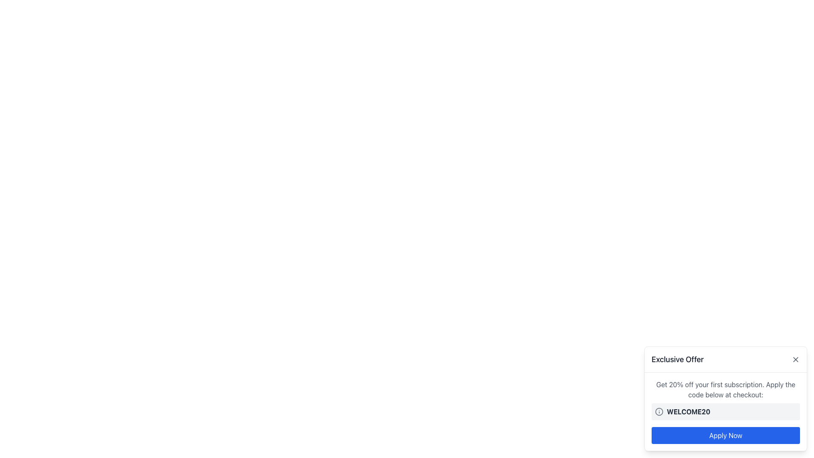 The width and height of the screenshot is (814, 458). What do you see at coordinates (795, 360) in the screenshot?
I see `the 'X' icon button in the top-right corner of the popup header` at bounding box center [795, 360].